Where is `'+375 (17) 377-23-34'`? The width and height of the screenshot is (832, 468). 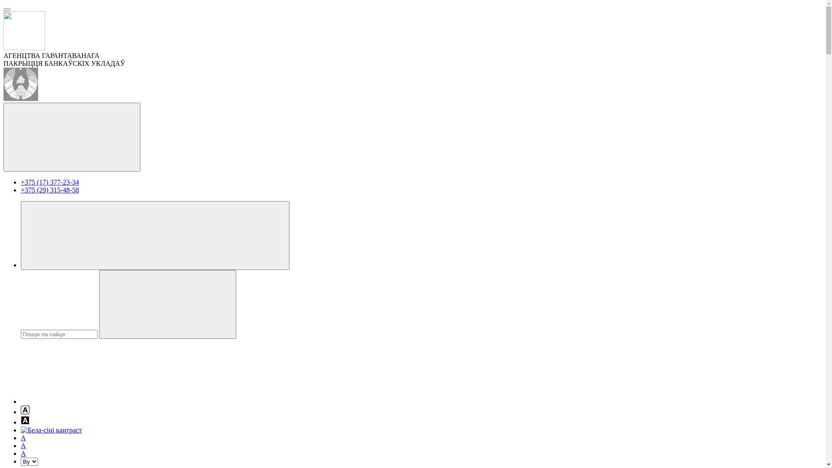
'+375 (17) 377-23-34' is located at coordinates (49, 182).